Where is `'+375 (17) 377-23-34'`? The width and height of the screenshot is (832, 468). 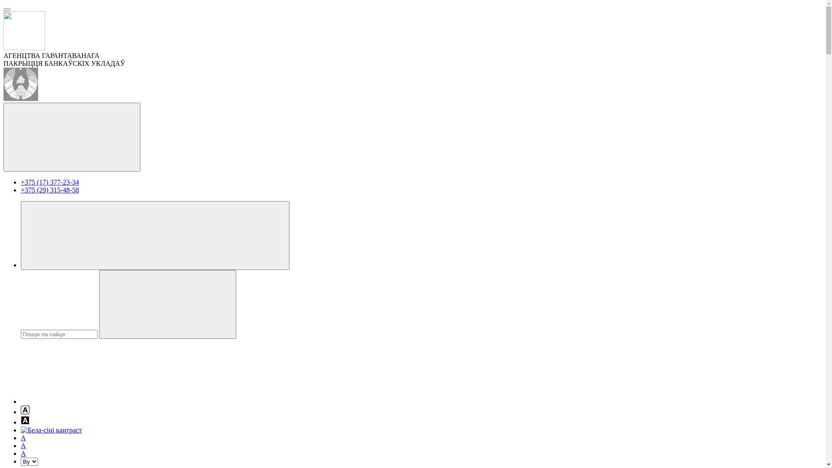
'+375 (17) 377-23-34' is located at coordinates (49, 182).